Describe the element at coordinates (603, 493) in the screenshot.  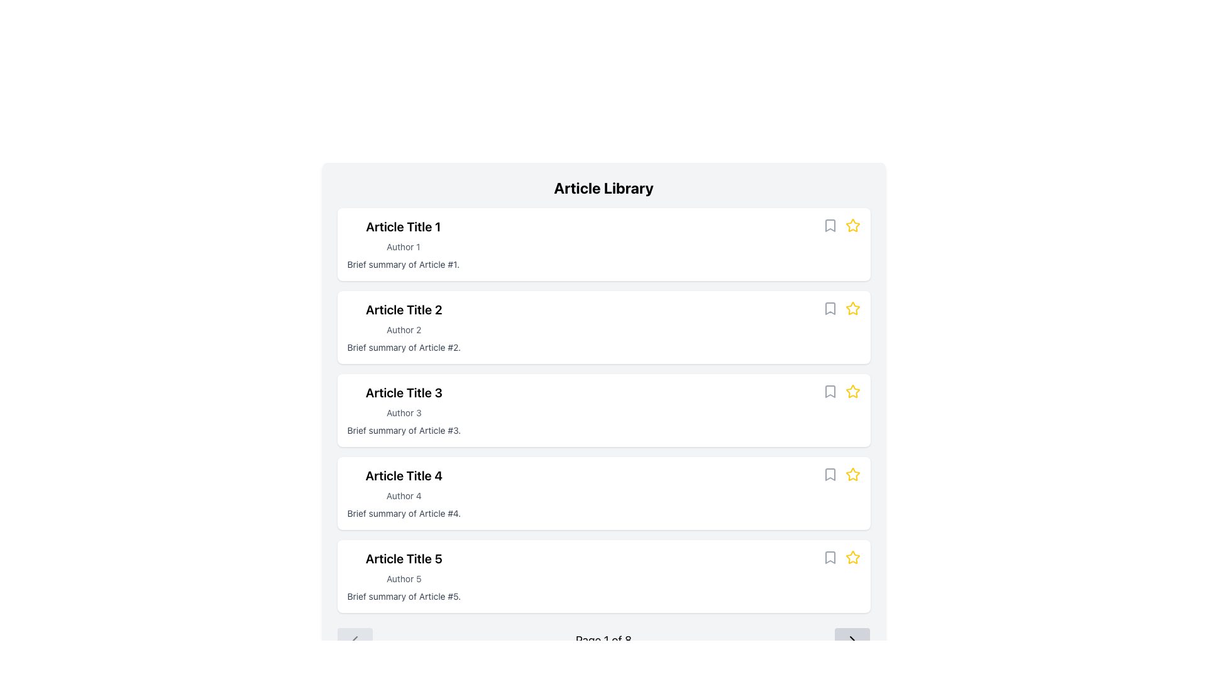
I see `title, author, and summary from the fourth article preview card in the vertical list of cards` at that location.